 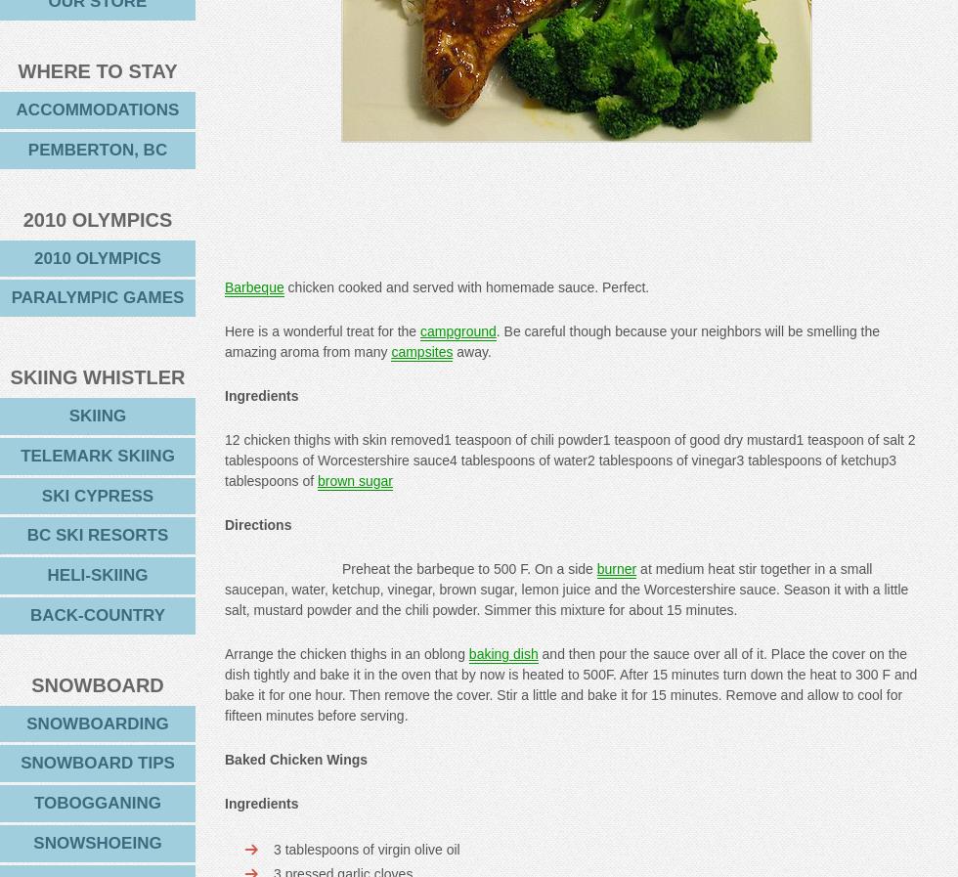 I want to click on 'campground', so click(x=457, y=329).